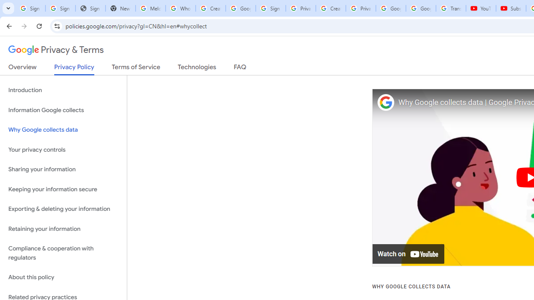 Image resolution: width=534 pixels, height=300 pixels. What do you see at coordinates (63, 189) in the screenshot?
I see `'Keeping your information secure'` at bounding box center [63, 189].